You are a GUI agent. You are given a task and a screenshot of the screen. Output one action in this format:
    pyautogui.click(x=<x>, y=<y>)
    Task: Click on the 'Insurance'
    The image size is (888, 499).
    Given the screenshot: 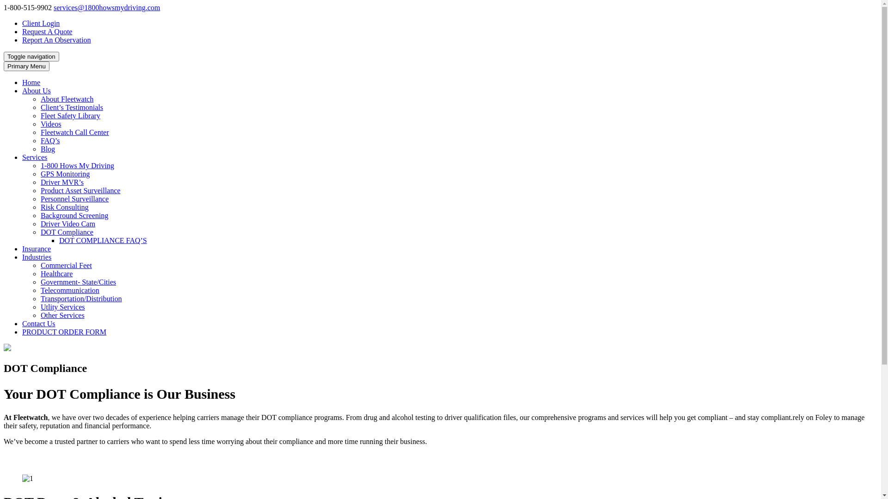 What is the action you would take?
    pyautogui.click(x=36, y=248)
    